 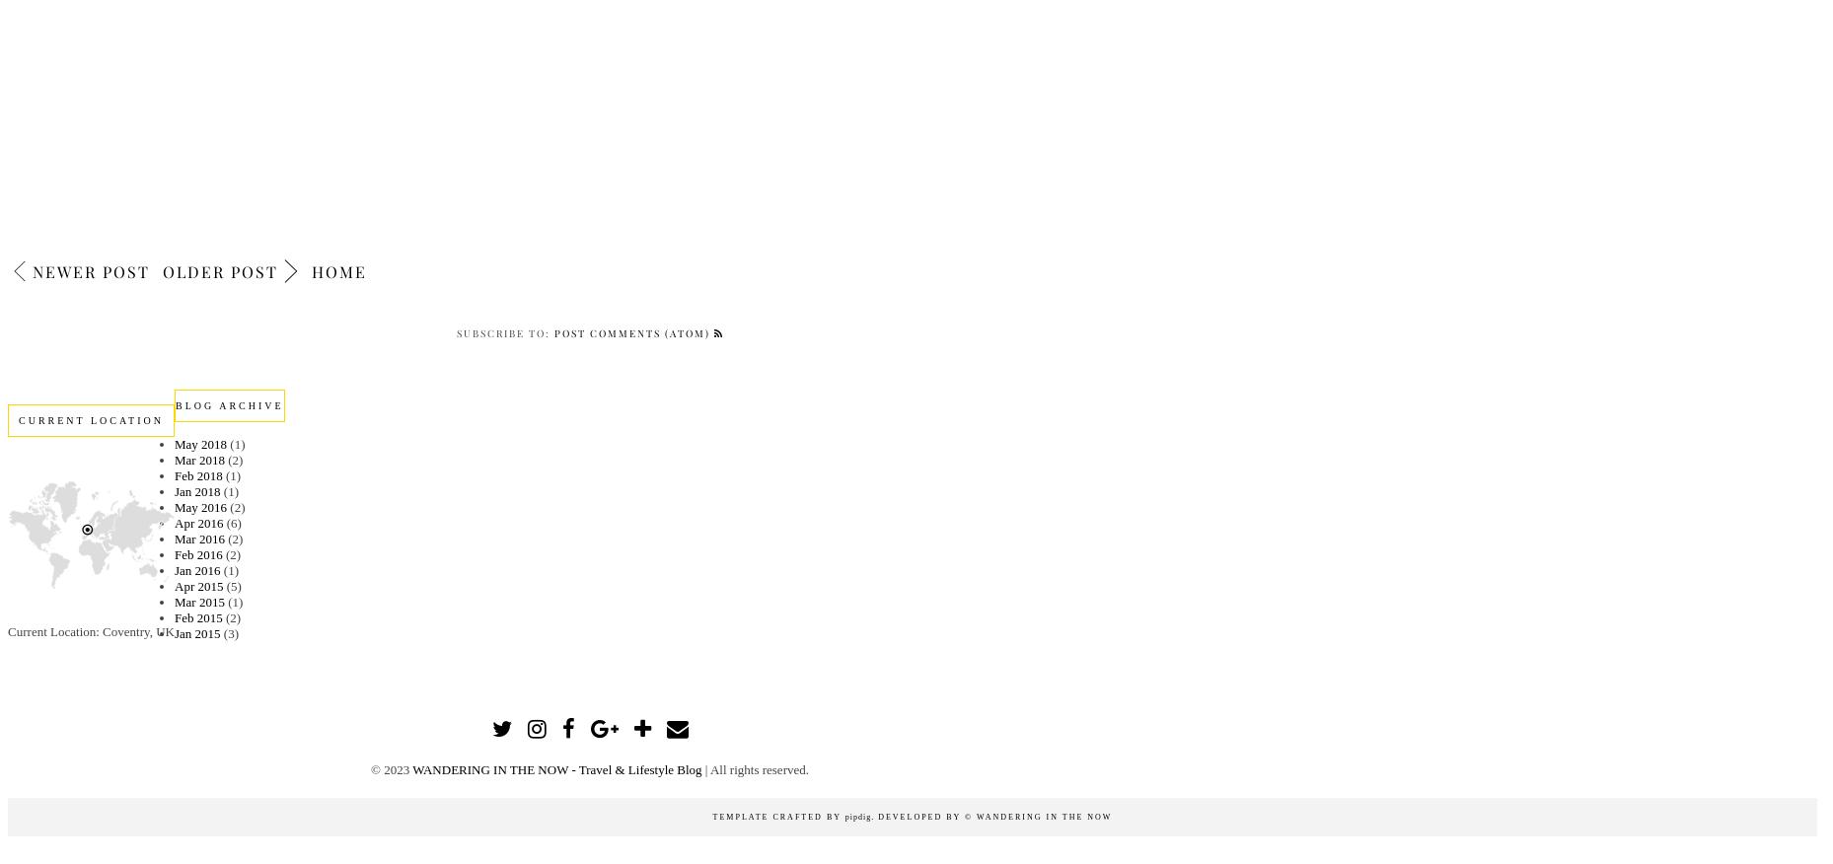 I want to click on 'WANDERING IN THE NOW - Travel & Lifestyle Blog', so click(x=411, y=768).